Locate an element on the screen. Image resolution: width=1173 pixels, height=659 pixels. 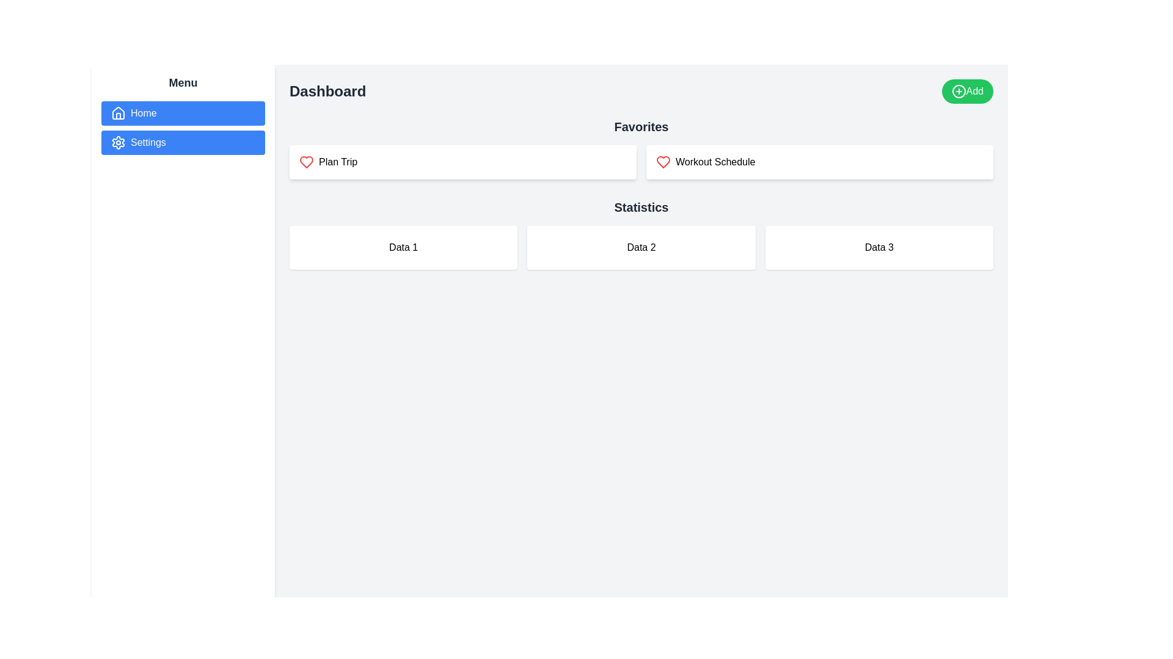
the heart-shaped icon outlined in red, located at the leftmost part of the 'Plan Trip' card in the 'Favorites' section is located at coordinates (307, 162).